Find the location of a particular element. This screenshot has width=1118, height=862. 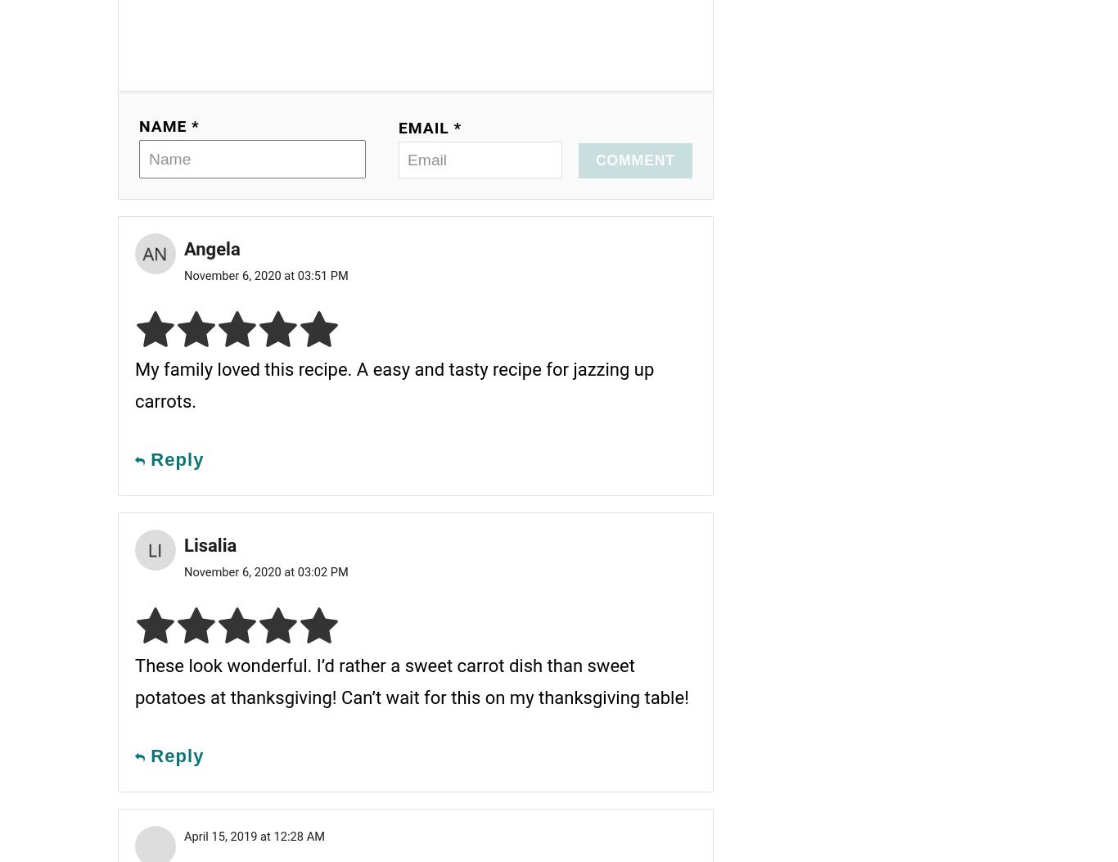

'My family loved this recipe.  A  easy and tasty recipe for jazzing up carrots.' is located at coordinates (394, 384).